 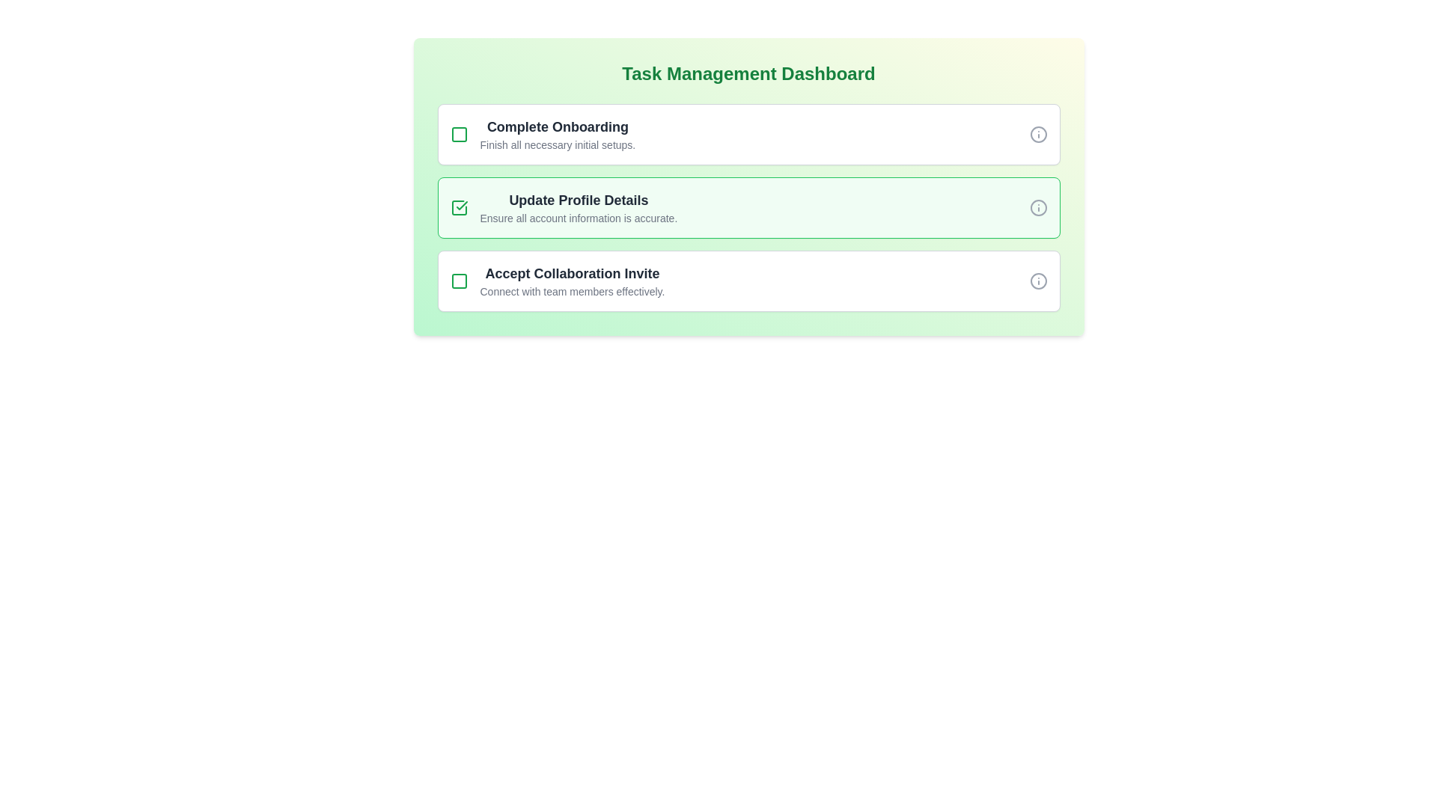 What do you see at coordinates (578, 199) in the screenshot?
I see `the static text label 'Update Profile Details'` at bounding box center [578, 199].